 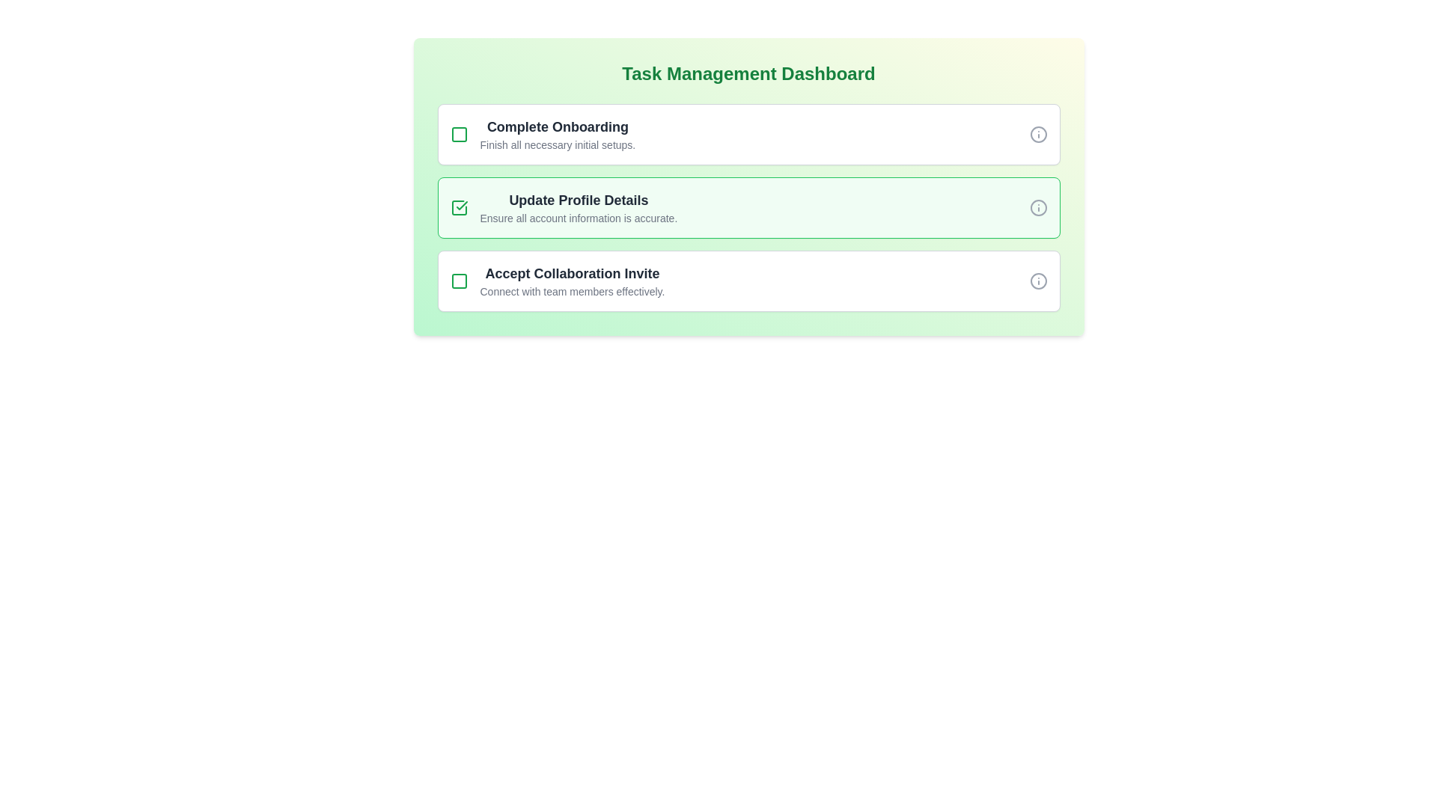 What do you see at coordinates (578, 199) in the screenshot?
I see `the static text label 'Update Profile Details'` at bounding box center [578, 199].